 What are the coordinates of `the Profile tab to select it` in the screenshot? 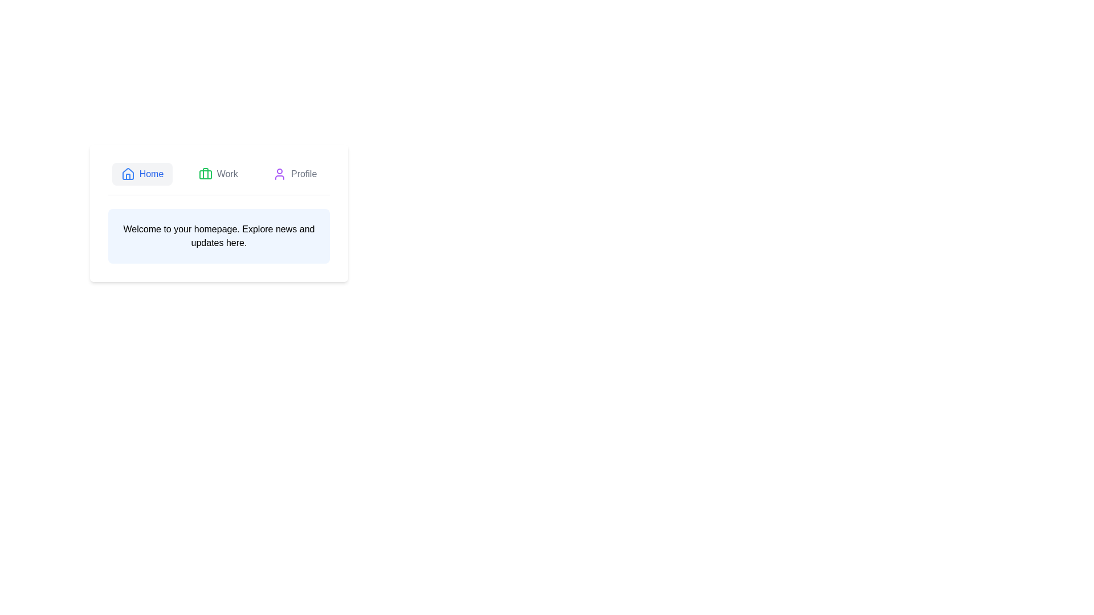 It's located at (295, 174).